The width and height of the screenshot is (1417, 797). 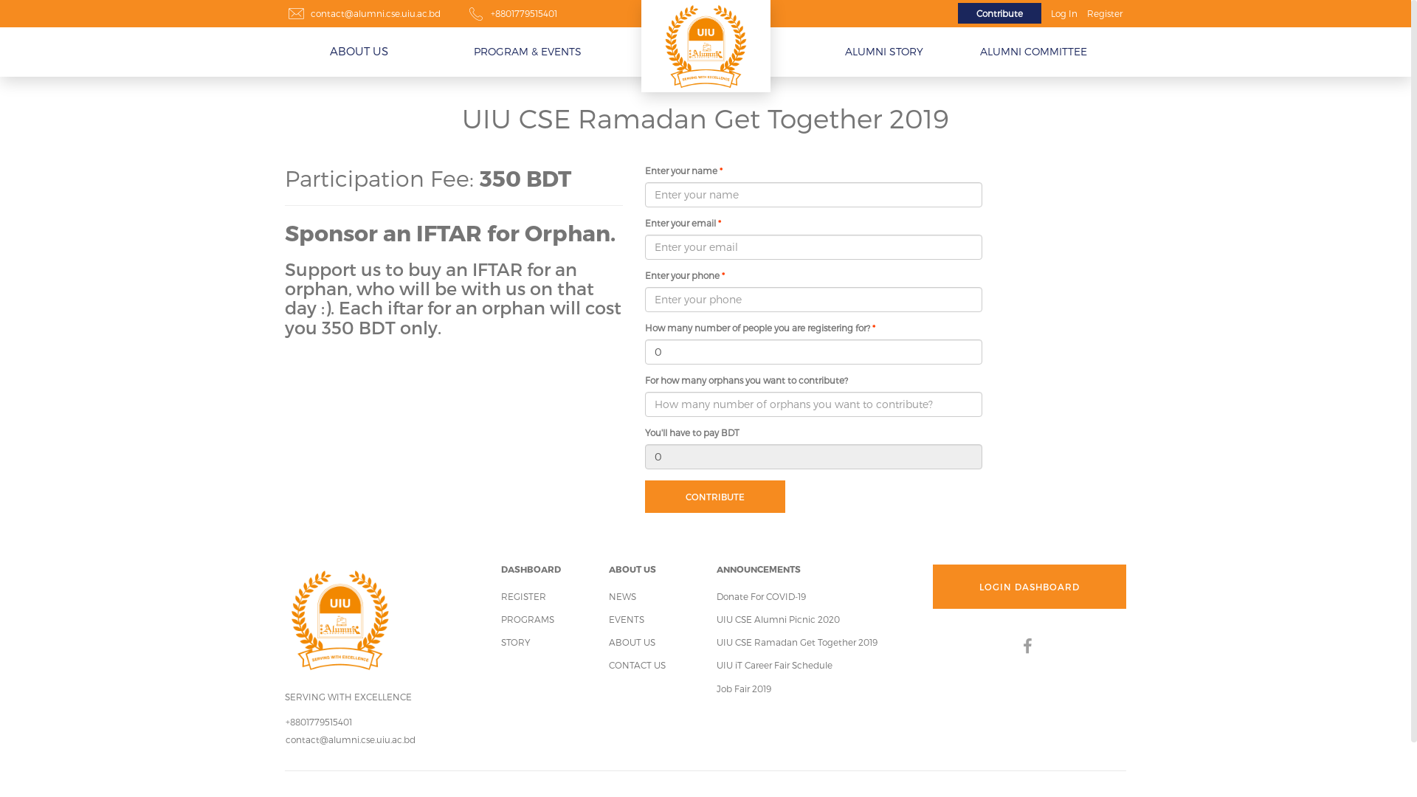 What do you see at coordinates (973, 51) in the screenshot?
I see `'ALUMNI COMMITTEE'` at bounding box center [973, 51].